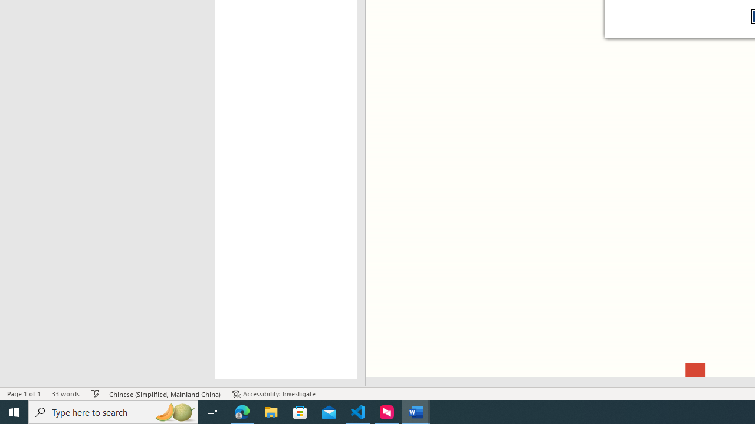 The width and height of the screenshot is (755, 424). Describe the element at coordinates (357, 411) in the screenshot. I see `'Visual Studio Code - 1 running window'` at that location.